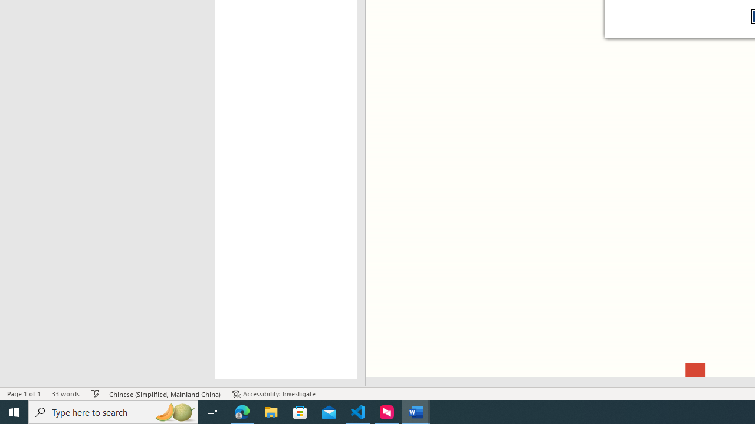 The width and height of the screenshot is (755, 424). Describe the element at coordinates (357, 411) in the screenshot. I see `'Visual Studio Code - 1 running window'` at that location.